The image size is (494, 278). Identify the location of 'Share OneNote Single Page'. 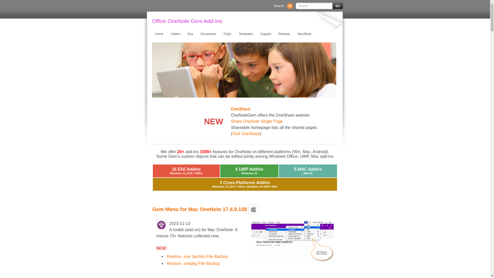
(257, 121).